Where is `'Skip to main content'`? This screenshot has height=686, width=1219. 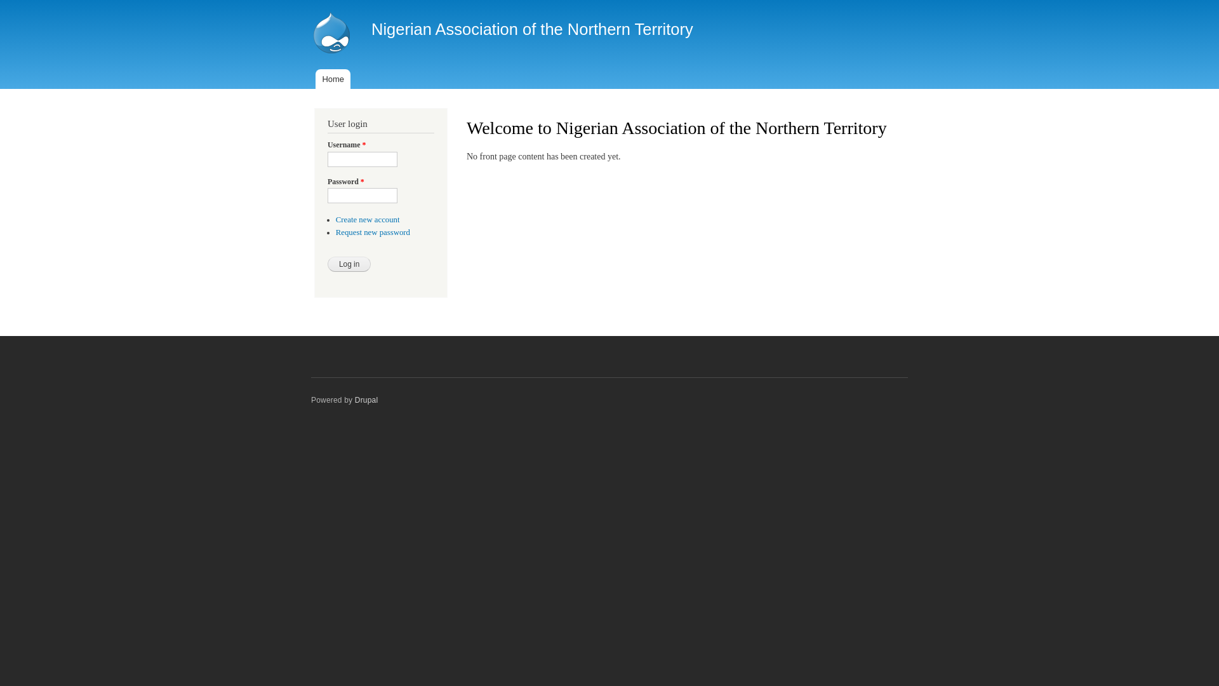
'Skip to main content' is located at coordinates (582, 1).